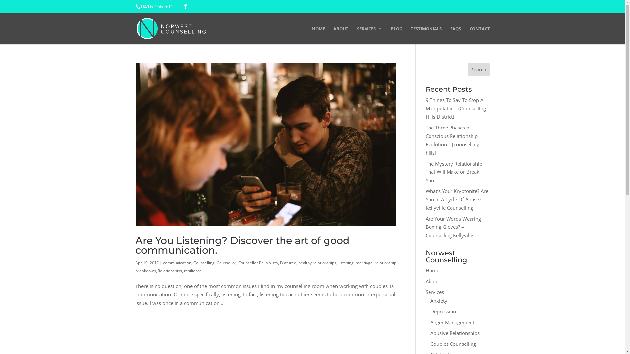 The image size is (630, 354). I want to click on 'Anxiety', so click(439, 300).